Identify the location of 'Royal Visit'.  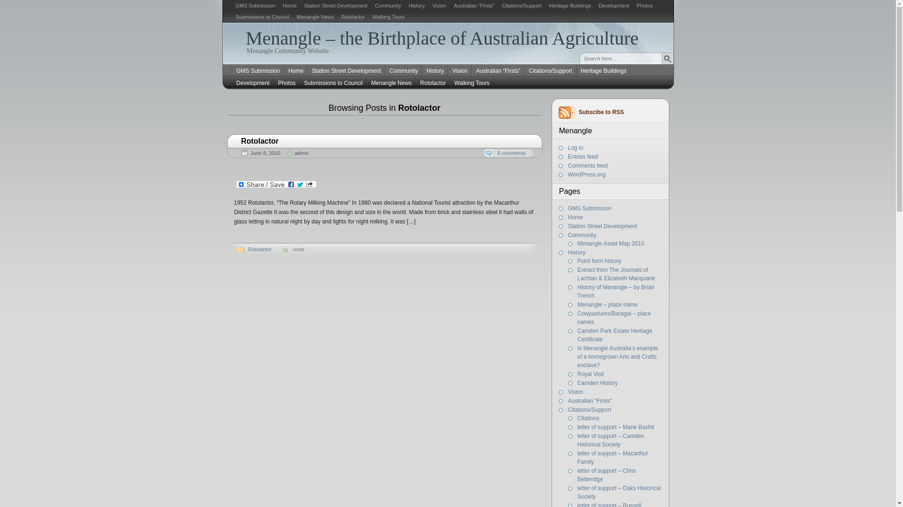
(590, 374).